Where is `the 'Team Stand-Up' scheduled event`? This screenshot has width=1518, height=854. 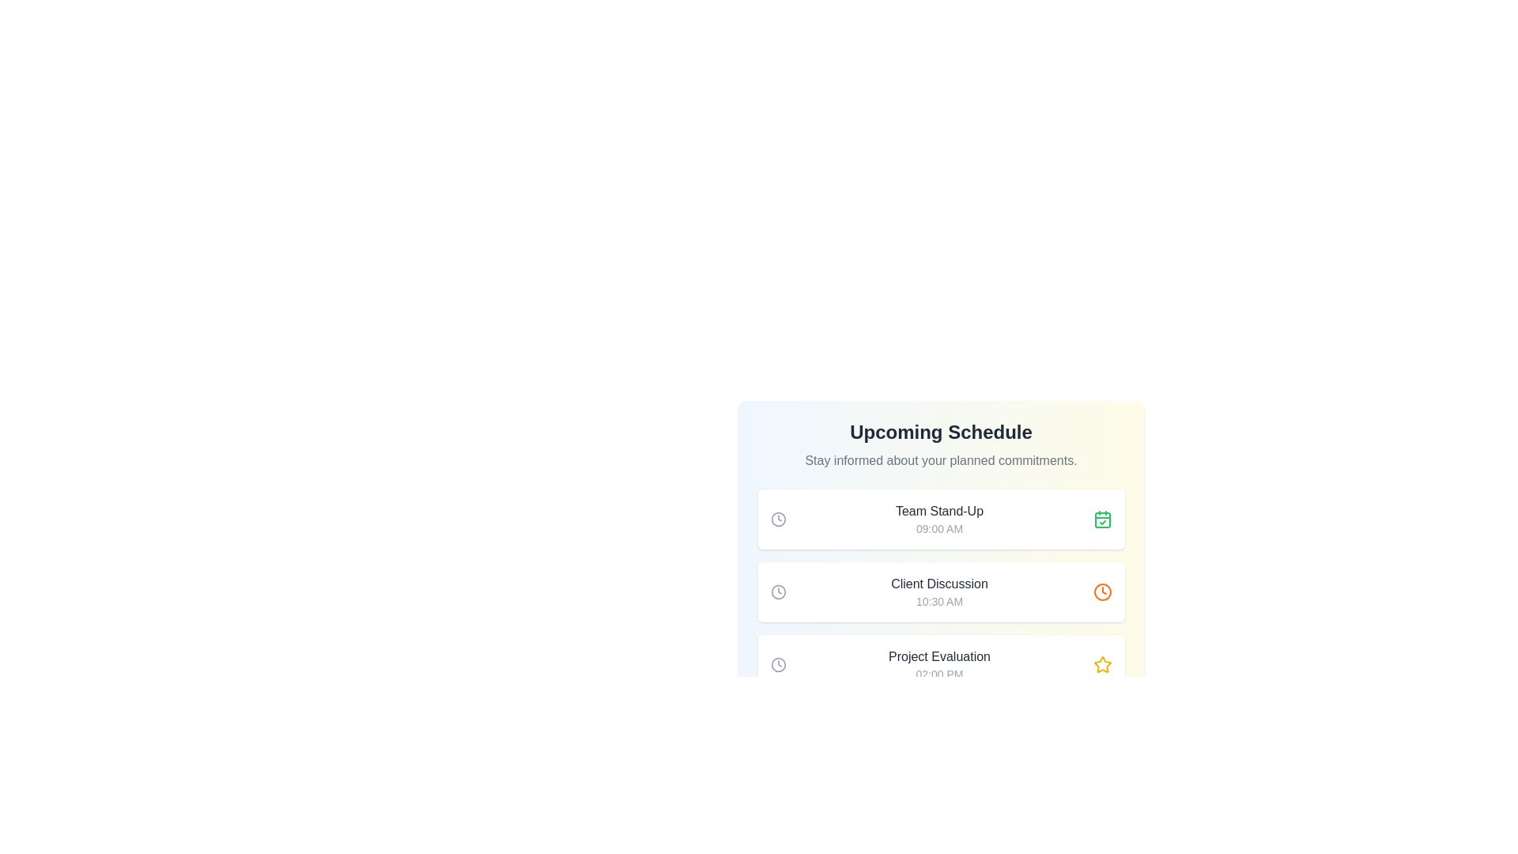 the 'Team Stand-Up' scheduled event is located at coordinates (941, 519).